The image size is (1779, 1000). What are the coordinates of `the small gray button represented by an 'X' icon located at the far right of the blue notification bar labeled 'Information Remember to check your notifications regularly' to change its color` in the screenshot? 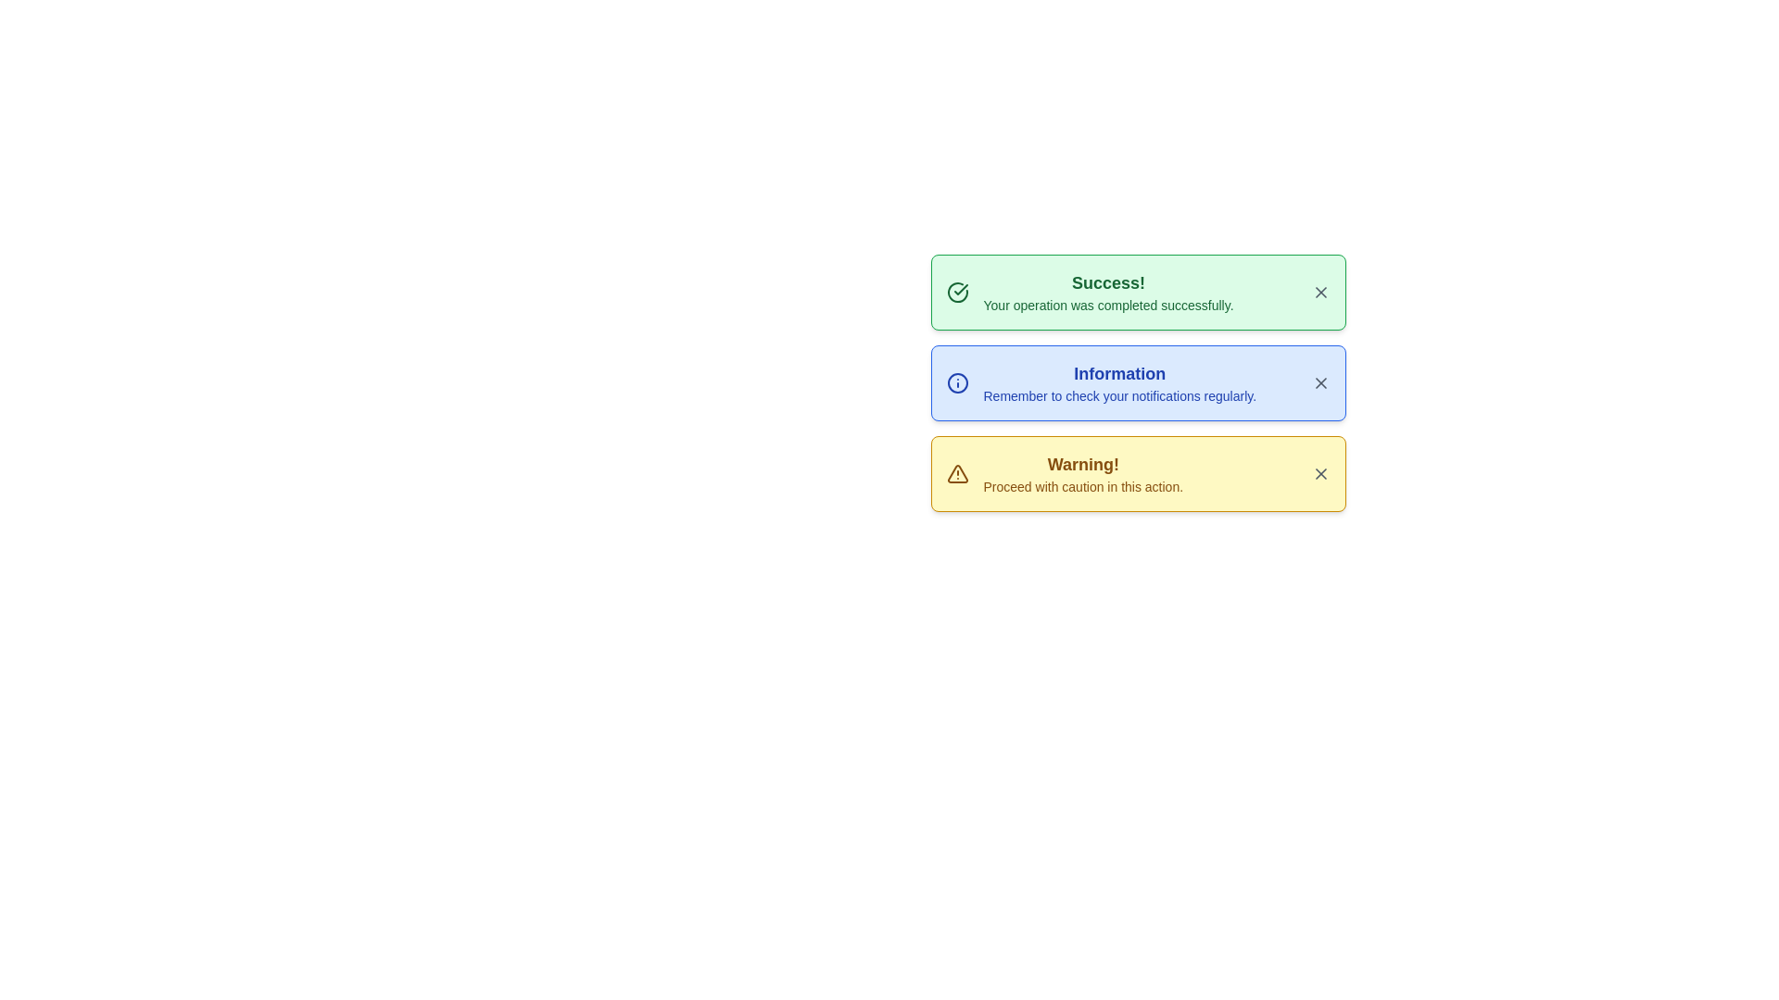 It's located at (1319, 381).